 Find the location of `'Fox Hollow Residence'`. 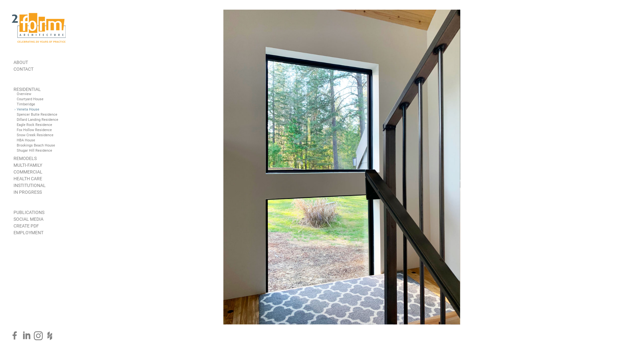

'Fox Hollow Residence' is located at coordinates (34, 130).